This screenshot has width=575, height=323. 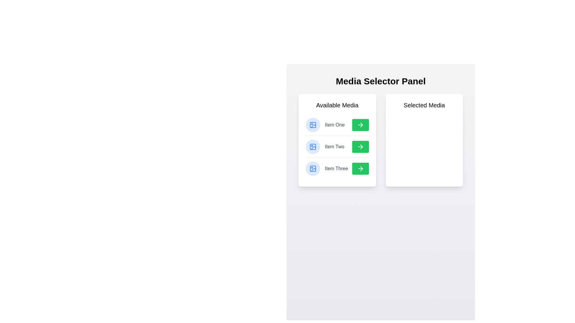 What do you see at coordinates (325, 124) in the screenshot?
I see `to select the media item labeled 'Item One' in the 'Available Media' list, which is the first row of three items` at bounding box center [325, 124].